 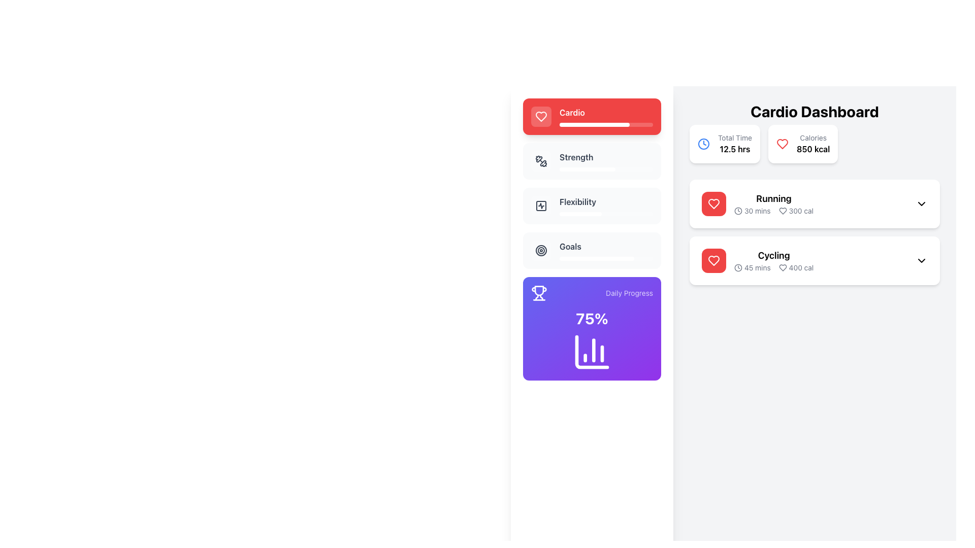 I want to click on the down chevron icon toggle button located in the 'Cycling' section, so click(x=921, y=260).